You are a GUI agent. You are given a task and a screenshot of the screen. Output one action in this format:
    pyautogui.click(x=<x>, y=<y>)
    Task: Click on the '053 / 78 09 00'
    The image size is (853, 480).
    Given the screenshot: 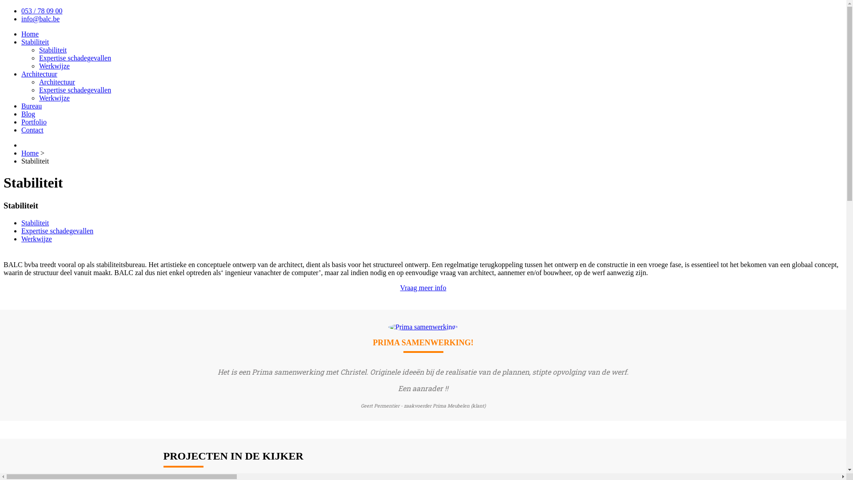 What is the action you would take?
    pyautogui.click(x=21, y=11)
    